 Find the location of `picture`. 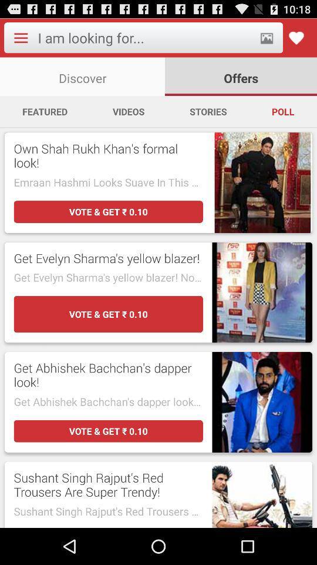

picture is located at coordinates (267, 38).